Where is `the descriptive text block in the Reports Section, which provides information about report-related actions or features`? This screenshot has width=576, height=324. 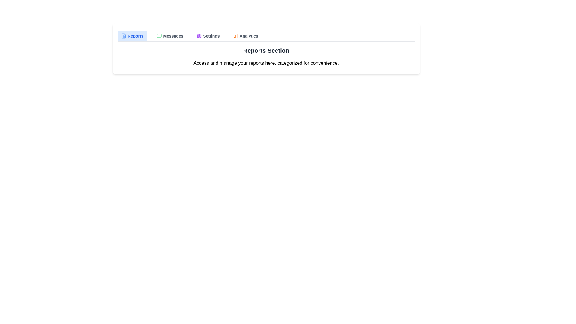 the descriptive text block in the Reports Section, which provides information about report-related actions or features is located at coordinates (266, 63).